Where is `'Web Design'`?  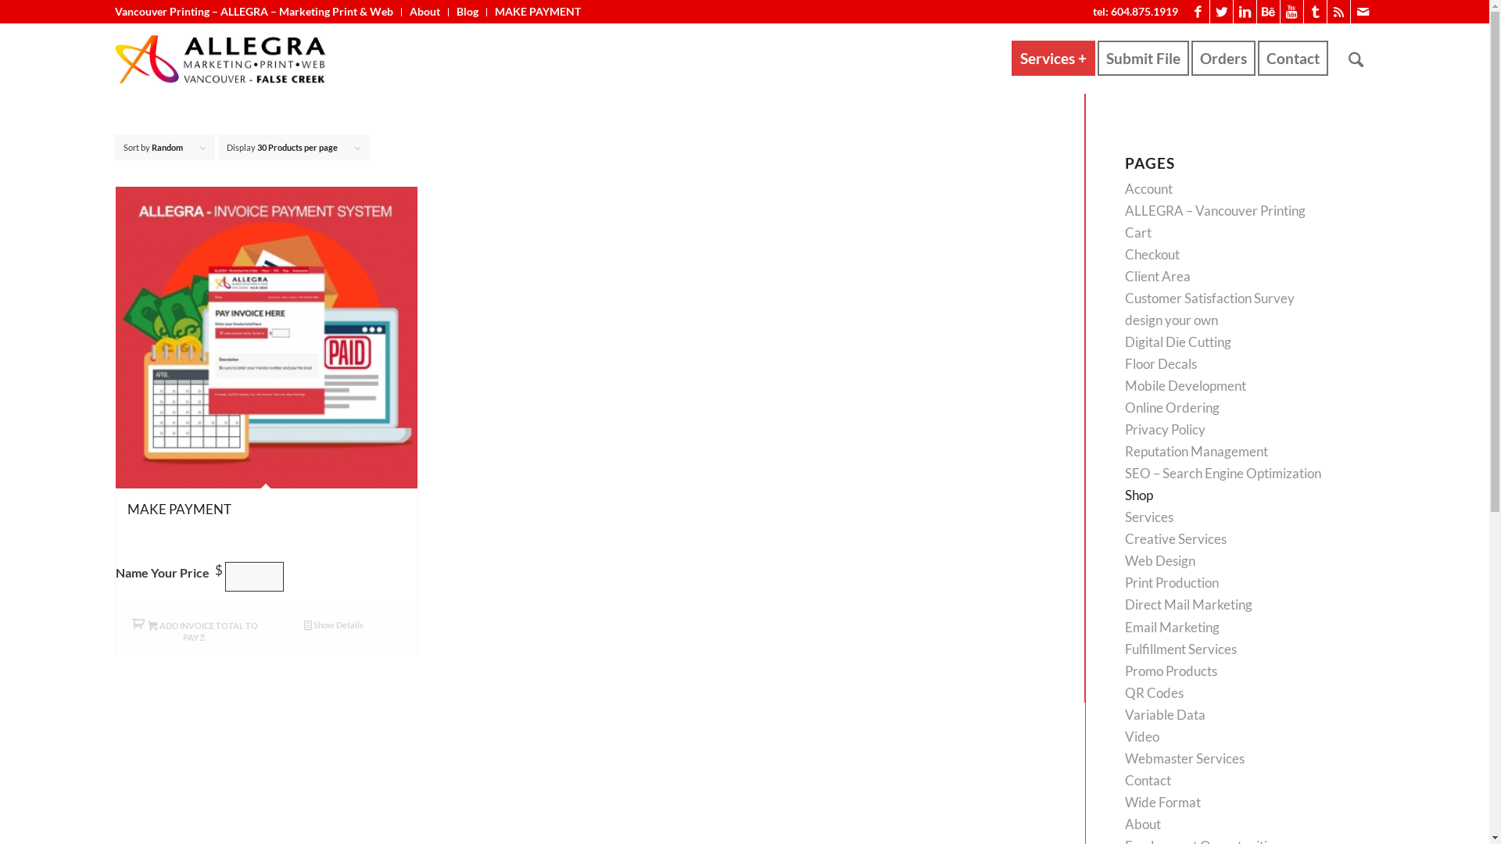
'Web Design' is located at coordinates (1159, 560).